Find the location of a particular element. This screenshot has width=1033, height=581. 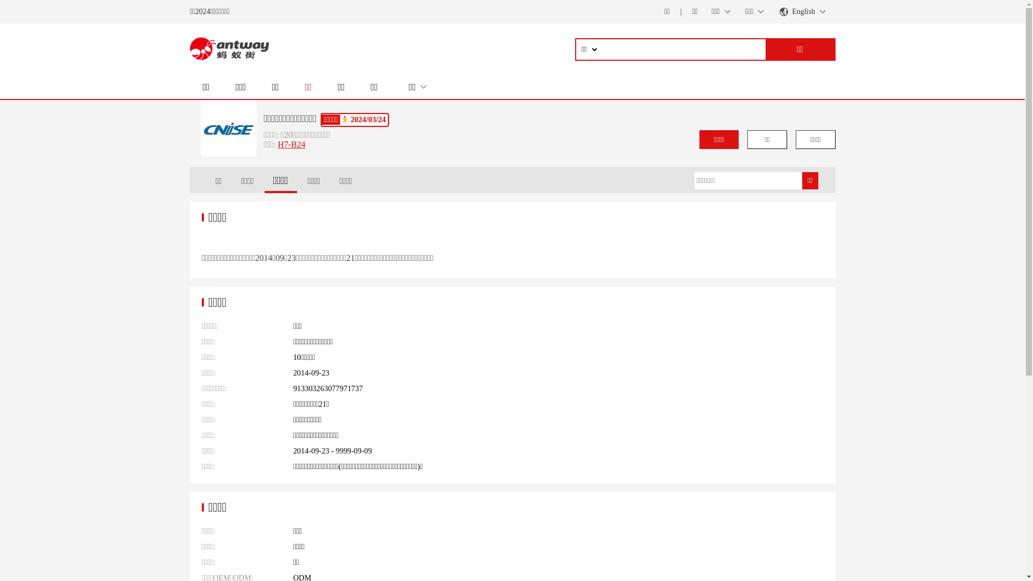

'H7-B24' is located at coordinates (277, 144).